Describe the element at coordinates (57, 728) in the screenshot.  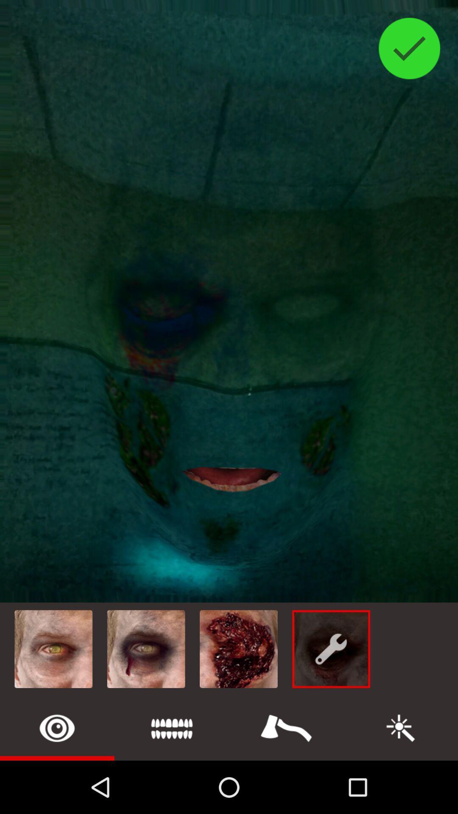
I see `eyes menu` at that location.